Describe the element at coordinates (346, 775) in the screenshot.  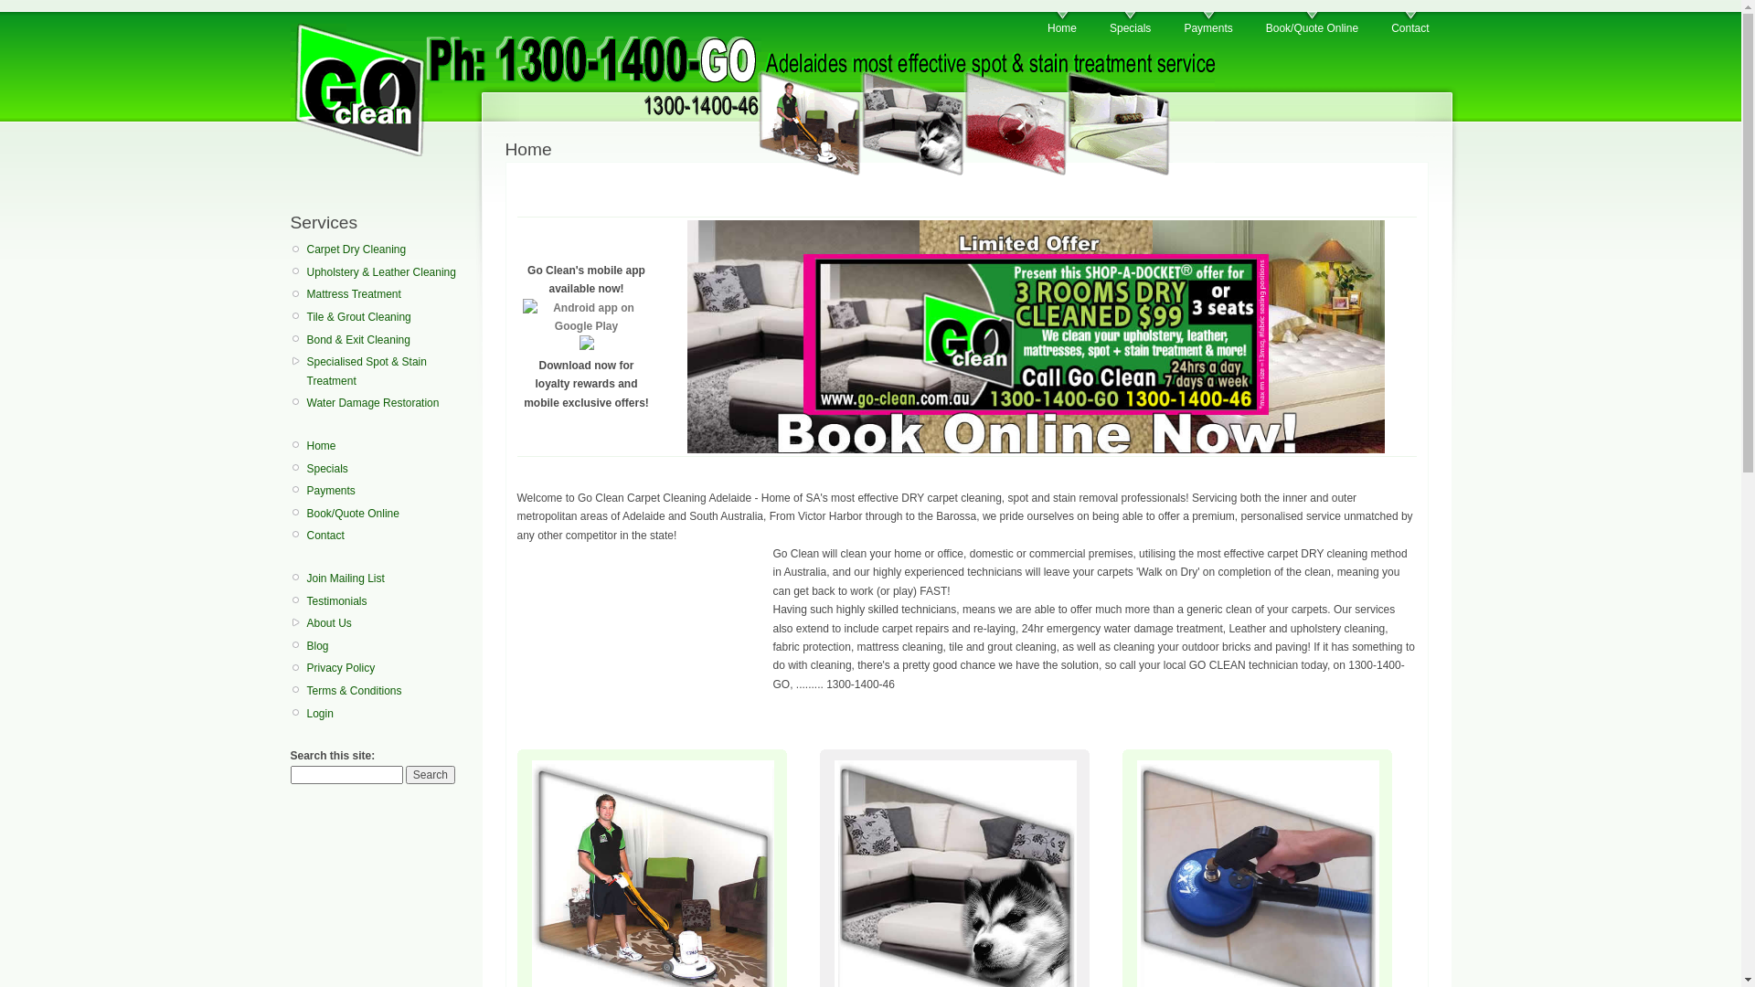
I see `'Enter the terms you wish to search for.'` at that location.